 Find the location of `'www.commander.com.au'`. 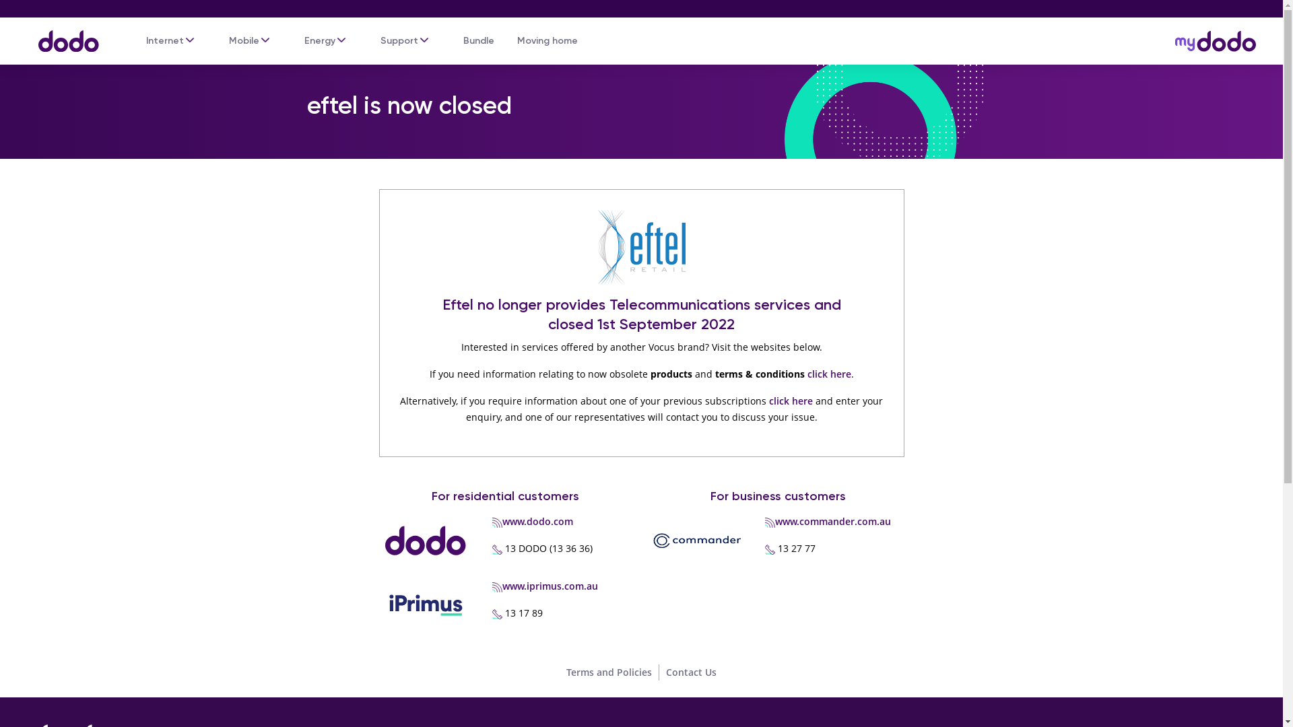

'www.commander.com.au' is located at coordinates (775, 520).